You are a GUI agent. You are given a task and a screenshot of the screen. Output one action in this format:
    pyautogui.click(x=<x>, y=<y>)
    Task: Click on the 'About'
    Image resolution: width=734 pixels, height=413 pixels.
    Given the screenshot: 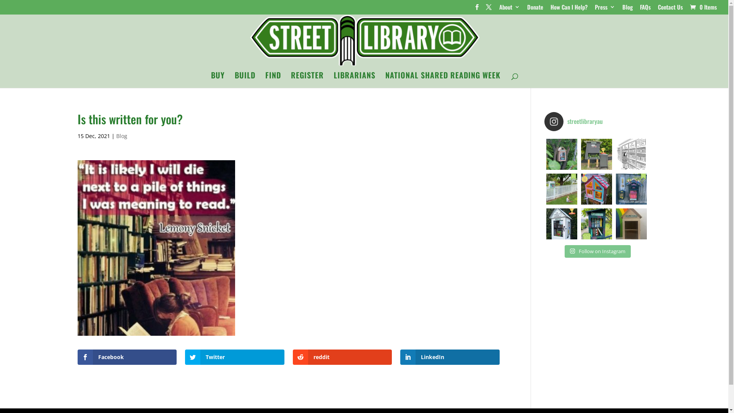 What is the action you would take?
    pyautogui.click(x=510, y=9)
    